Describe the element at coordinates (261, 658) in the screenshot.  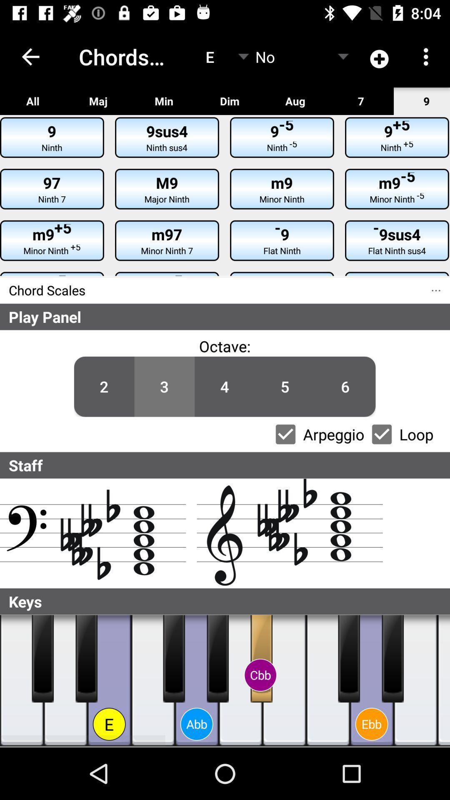
I see `hit cbb key` at that location.